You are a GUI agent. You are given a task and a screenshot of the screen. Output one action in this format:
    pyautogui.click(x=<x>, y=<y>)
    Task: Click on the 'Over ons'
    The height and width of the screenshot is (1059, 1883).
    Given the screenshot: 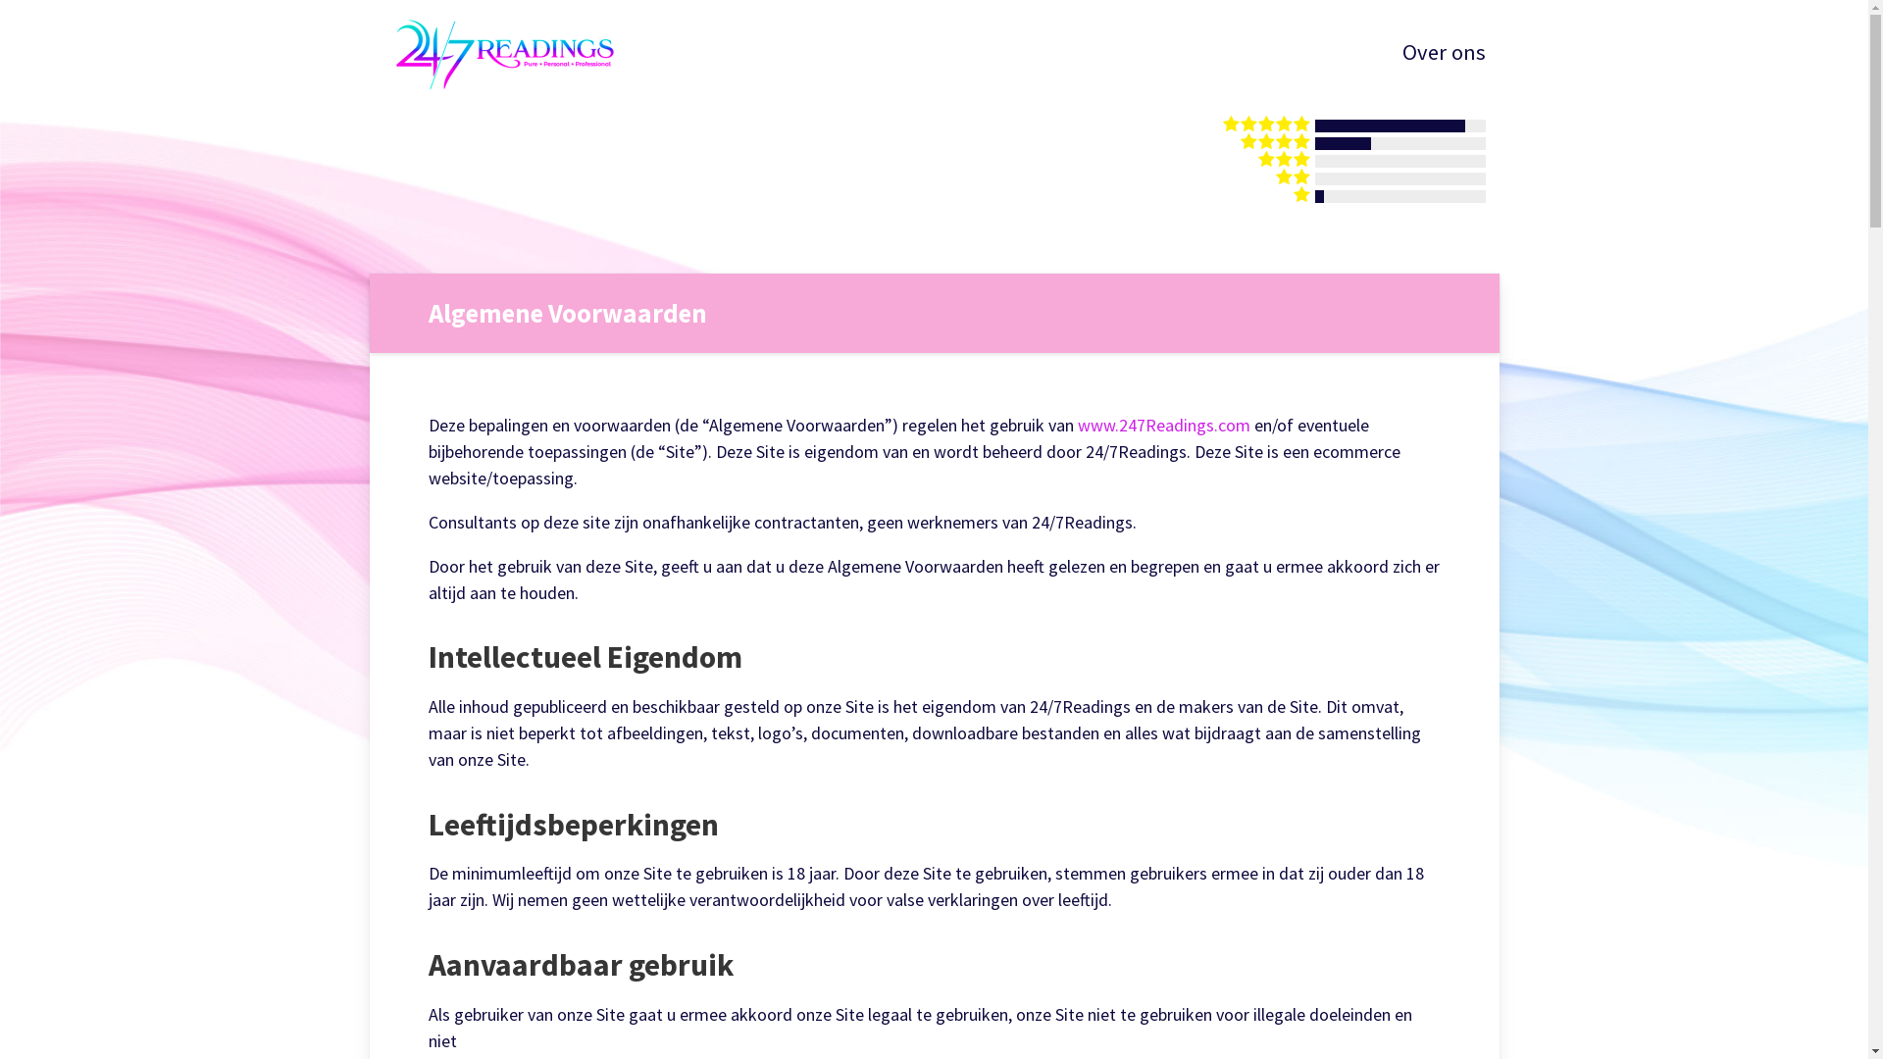 What is the action you would take?
    pyautogui.click(x=1444, y=52)
    